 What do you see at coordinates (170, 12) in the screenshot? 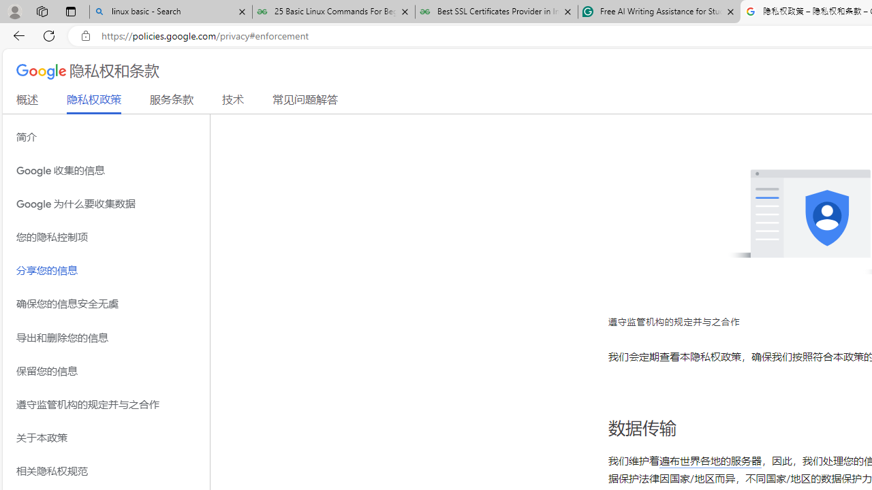
I see `'linux basic - Search'` at bounding box center [170, 12].